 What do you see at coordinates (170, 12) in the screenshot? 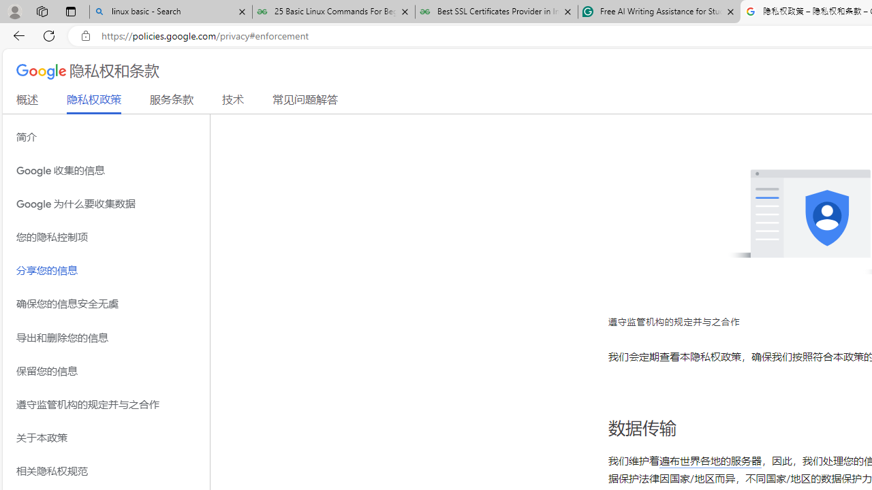
I see `'linux basic - Search'` at bounding box center [170, 12].